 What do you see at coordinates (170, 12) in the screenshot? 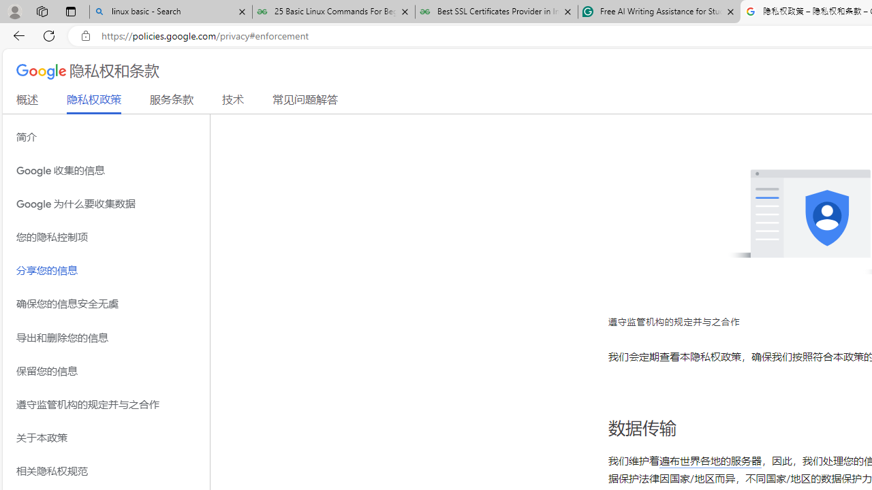
I see `'linux basic - Search'` at bounding box center [170, 12].